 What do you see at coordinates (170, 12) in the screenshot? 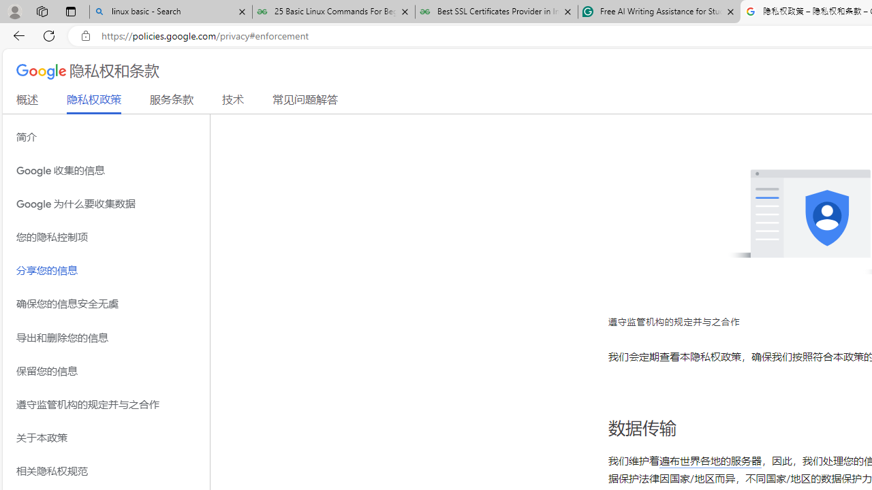
I see `'linux basic - Search'` at bounding box center [170, 12].